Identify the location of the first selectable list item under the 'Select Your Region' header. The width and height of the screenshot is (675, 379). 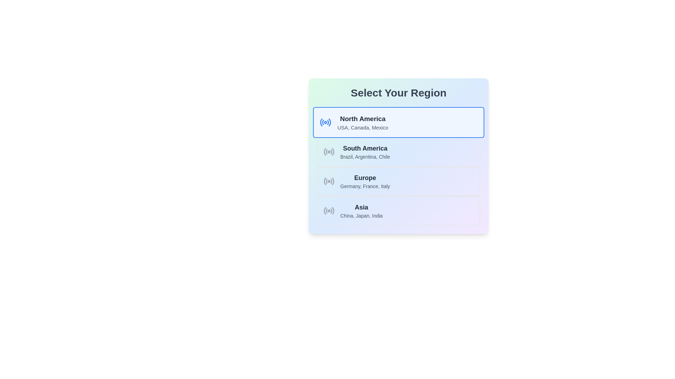
(398, 122).